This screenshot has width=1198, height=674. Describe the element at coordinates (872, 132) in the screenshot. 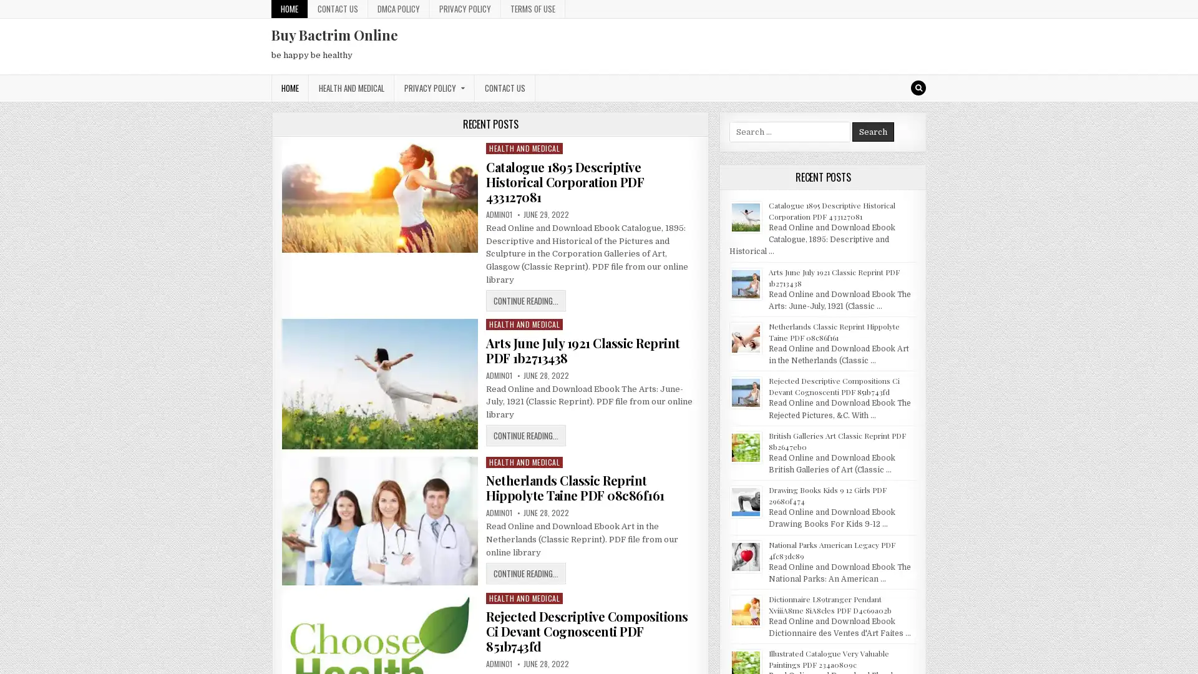

I see `Search` at that location.